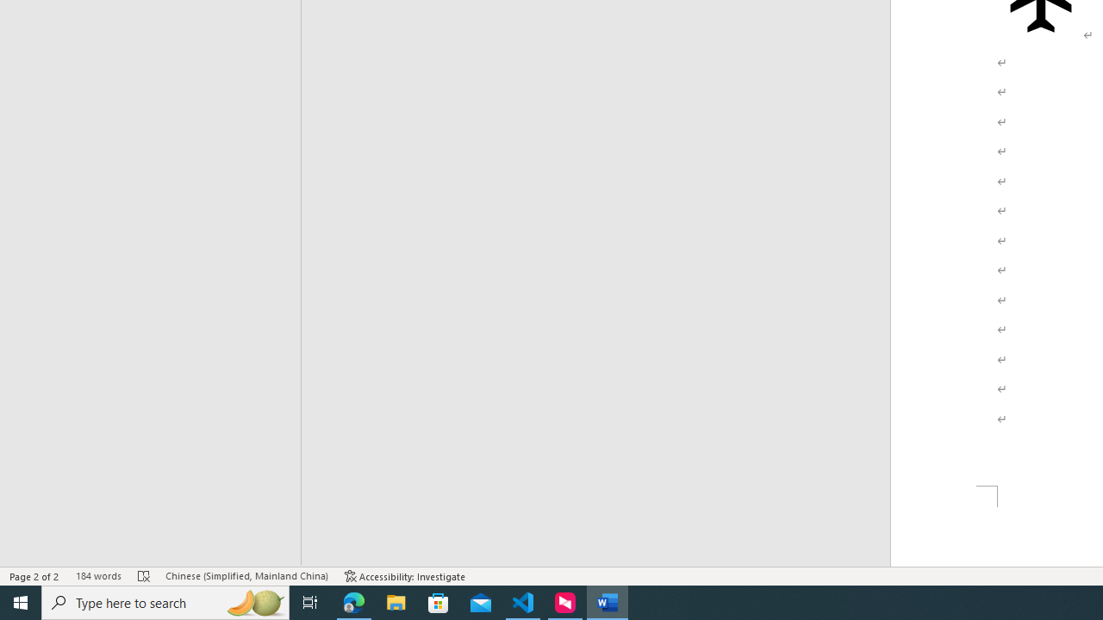  What do you see at coordinates (97, 576) in the screenshot?
I see `'Word Count 184 words'` at bounding box center [97, 576].